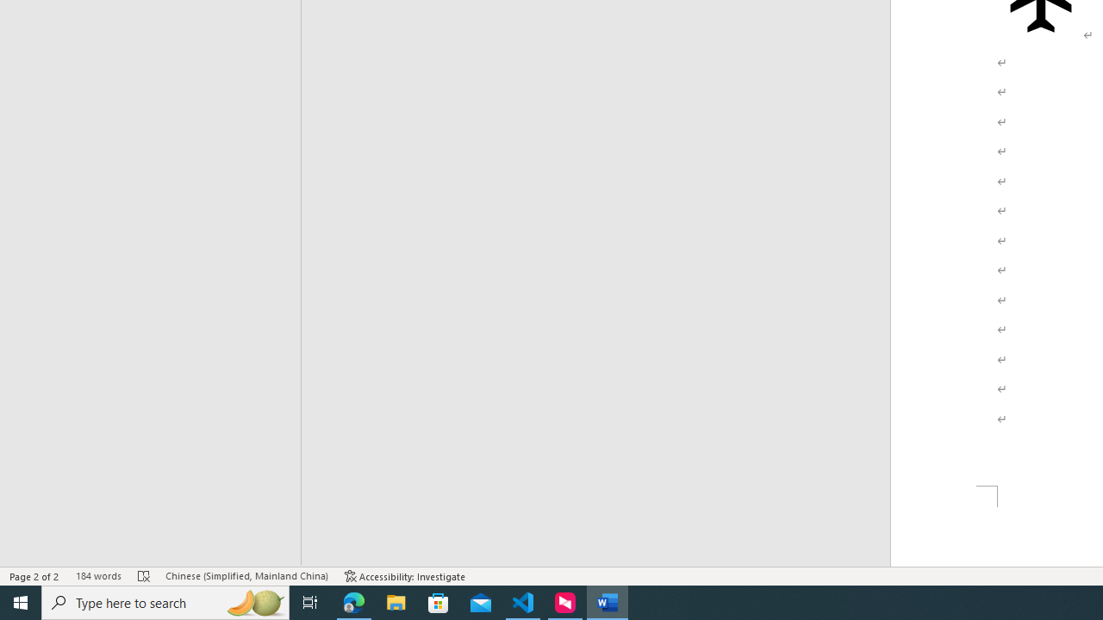  What do you see at coordinates (97, 576) in the screenshot?
I see `'Word Count 184 words'` at bounding box center [97, 576].